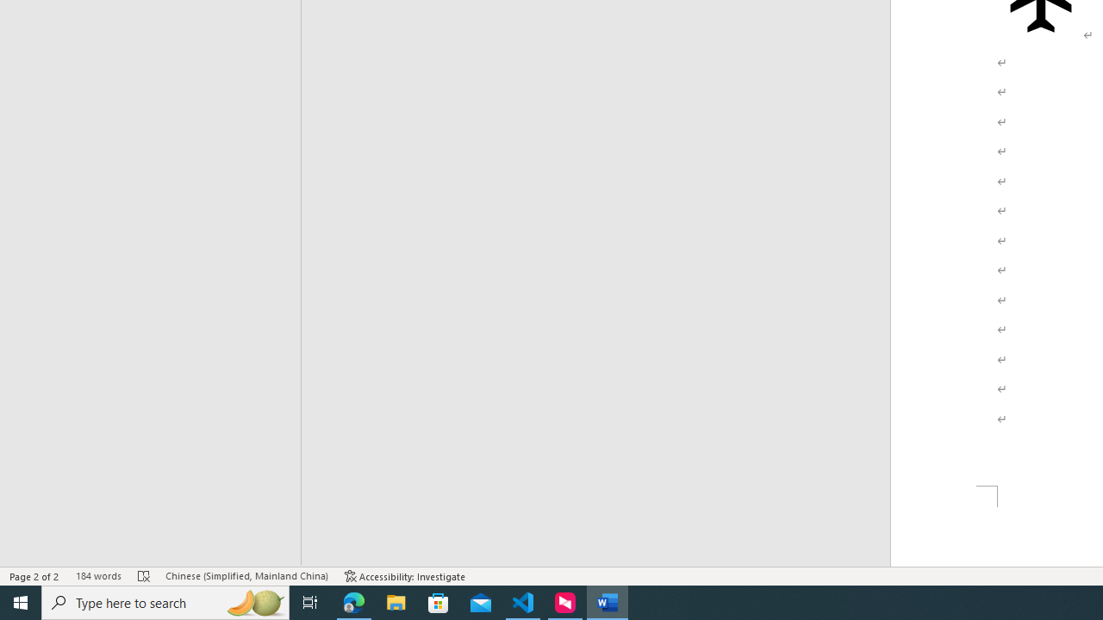  What do you see at coordinates (97, 576) in the screenshot?
I see `'Word Count 184 words'` at bounding box center [97, 576].